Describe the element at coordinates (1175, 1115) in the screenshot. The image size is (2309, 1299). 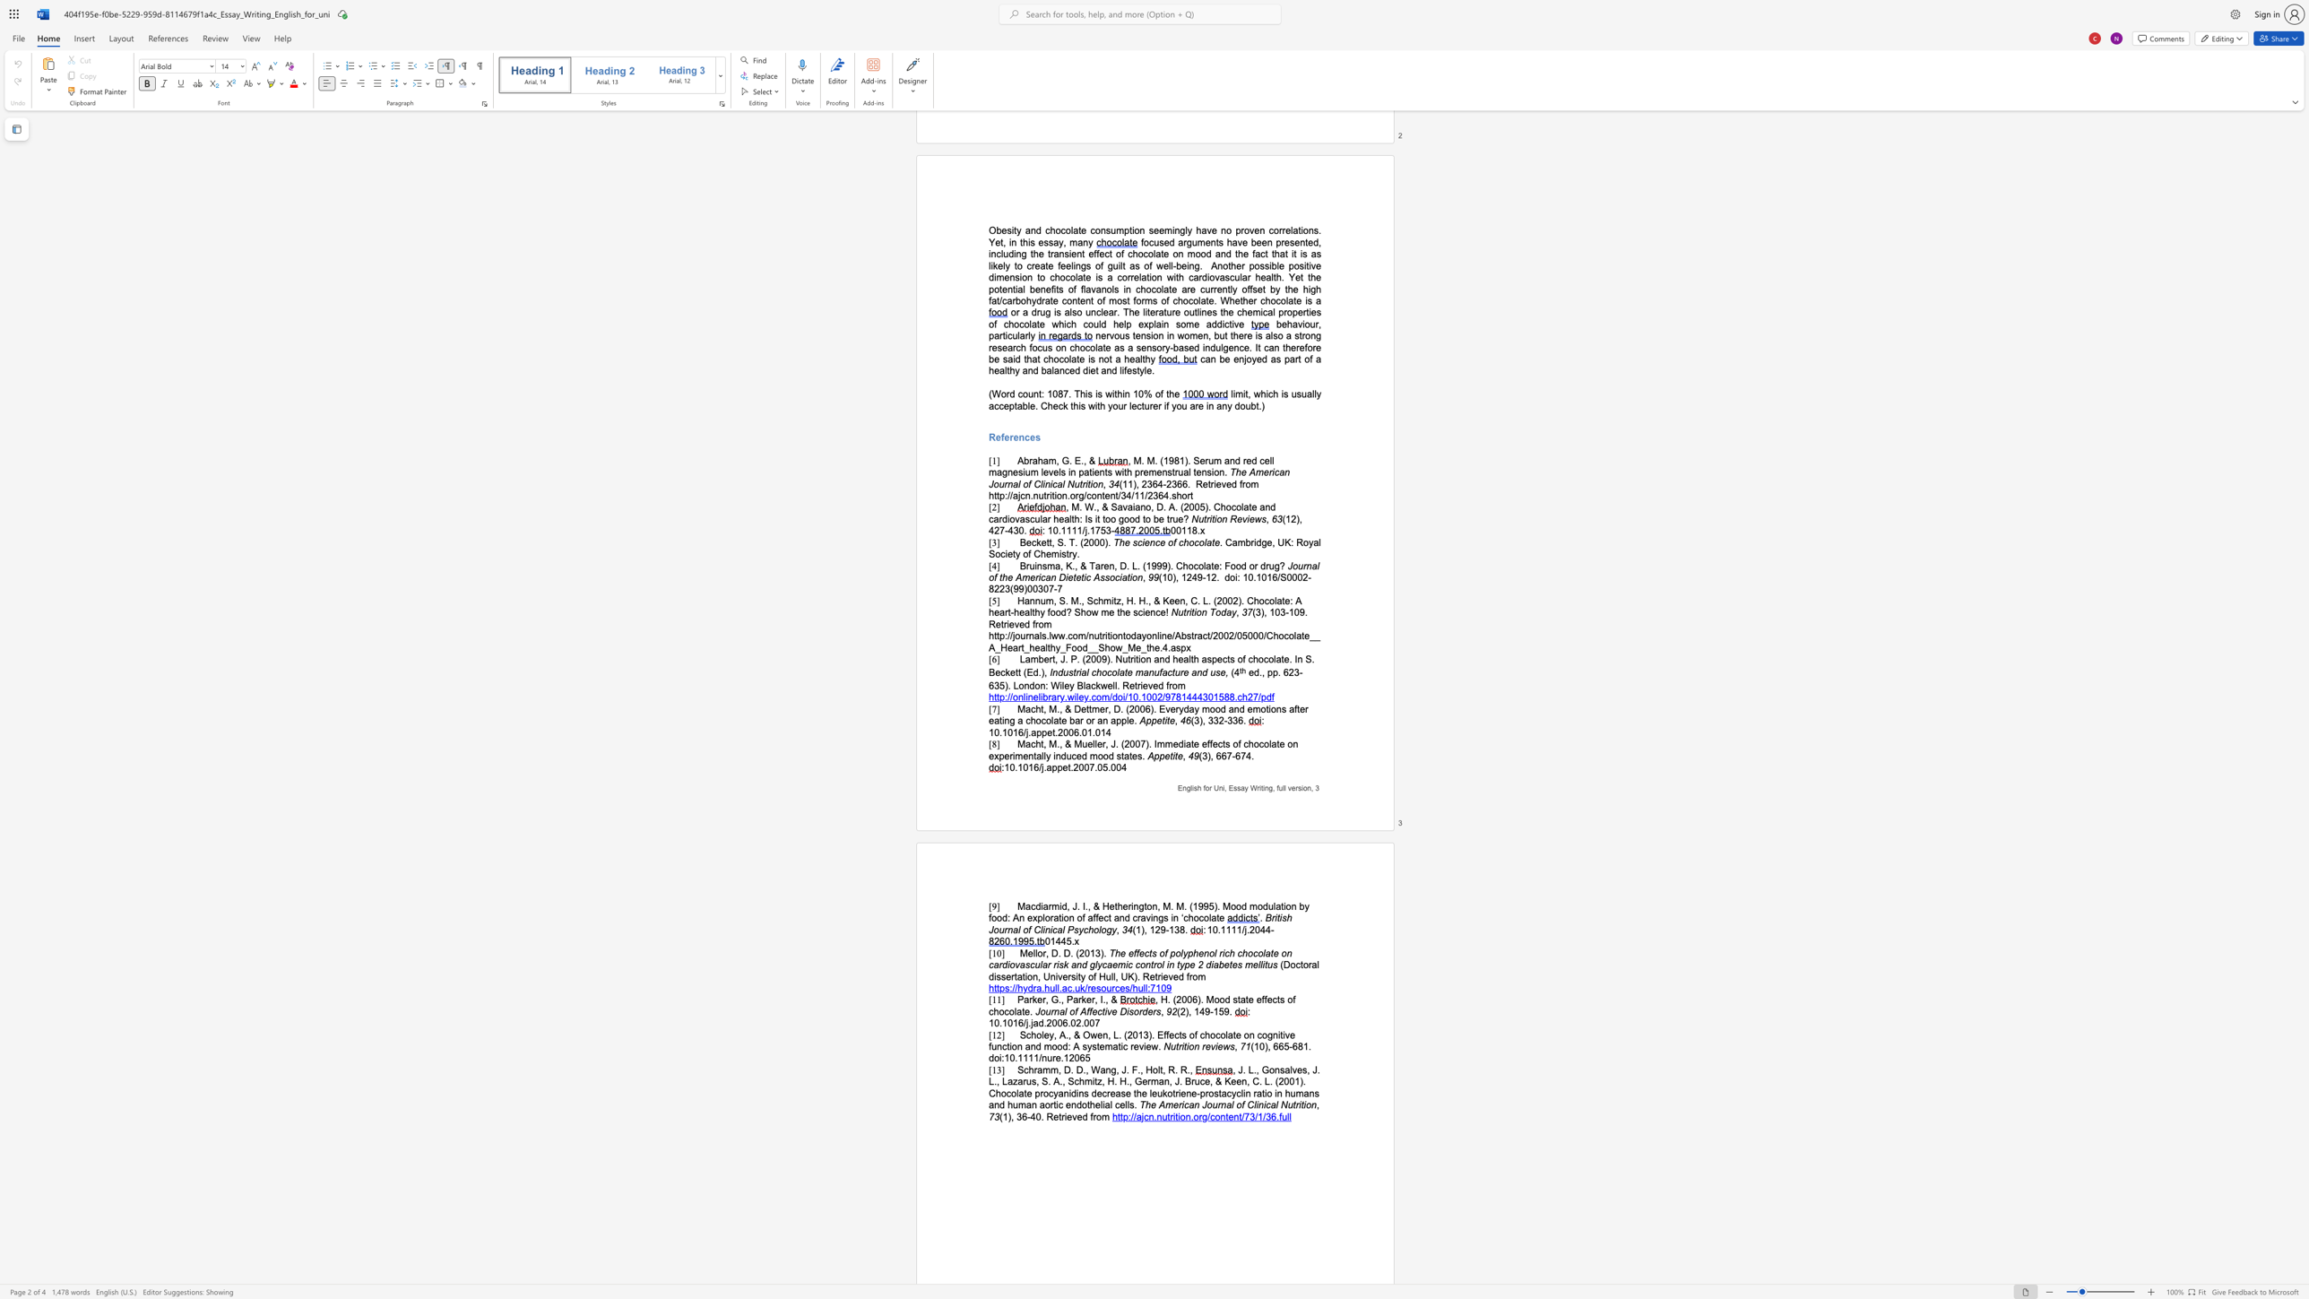
I see `the subset text "tion.org/content/" within the text "http://ajcn.nutrition.org/content/73/1/36.full"` at that location.